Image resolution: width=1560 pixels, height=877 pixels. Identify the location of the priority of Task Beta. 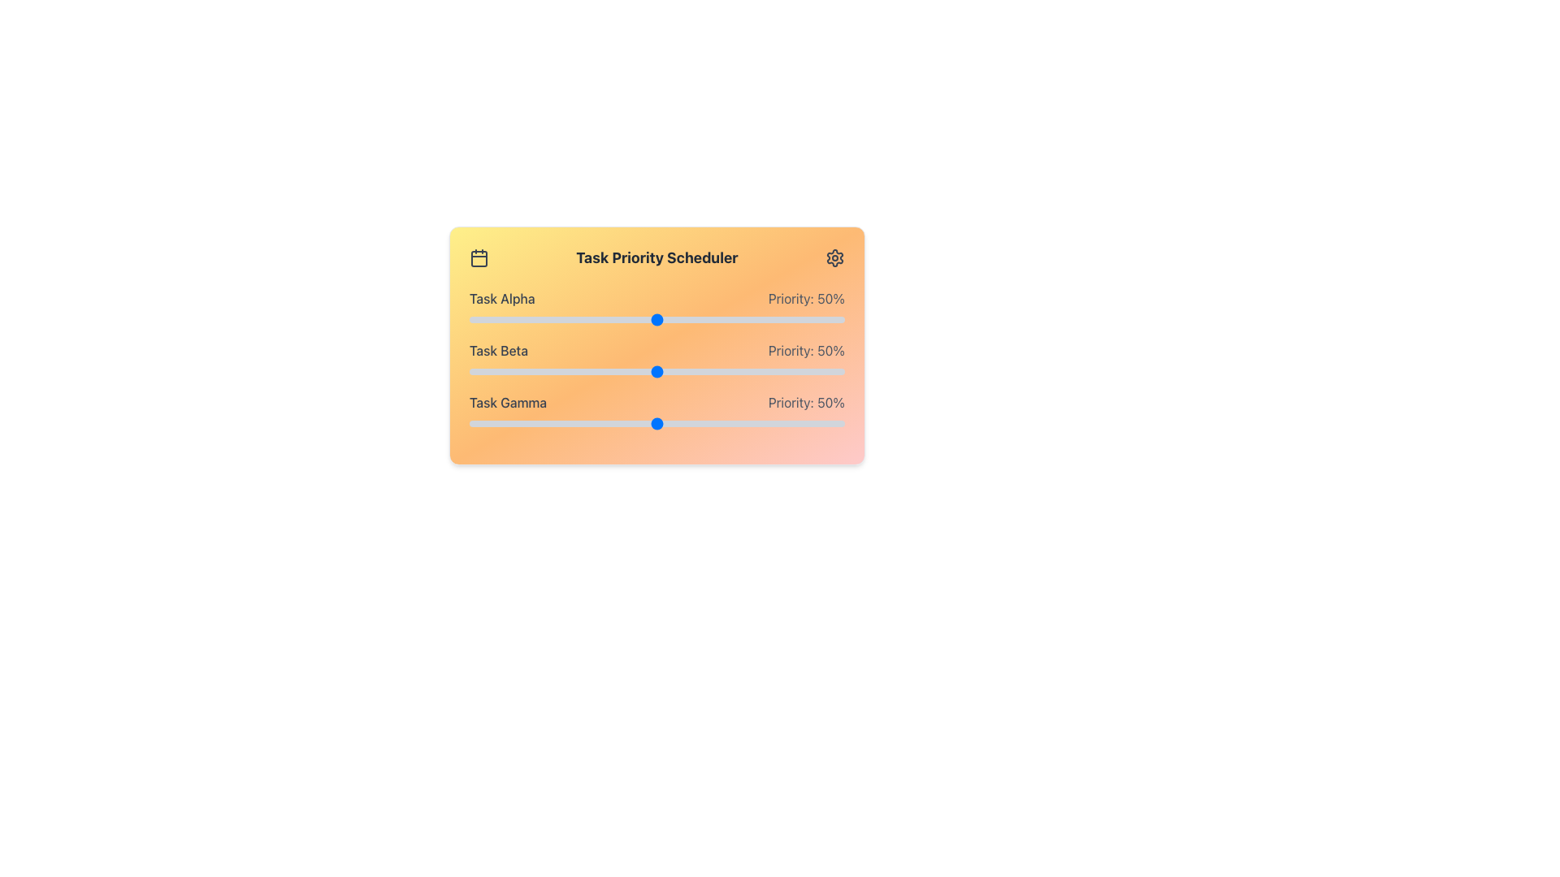
(754, 372).